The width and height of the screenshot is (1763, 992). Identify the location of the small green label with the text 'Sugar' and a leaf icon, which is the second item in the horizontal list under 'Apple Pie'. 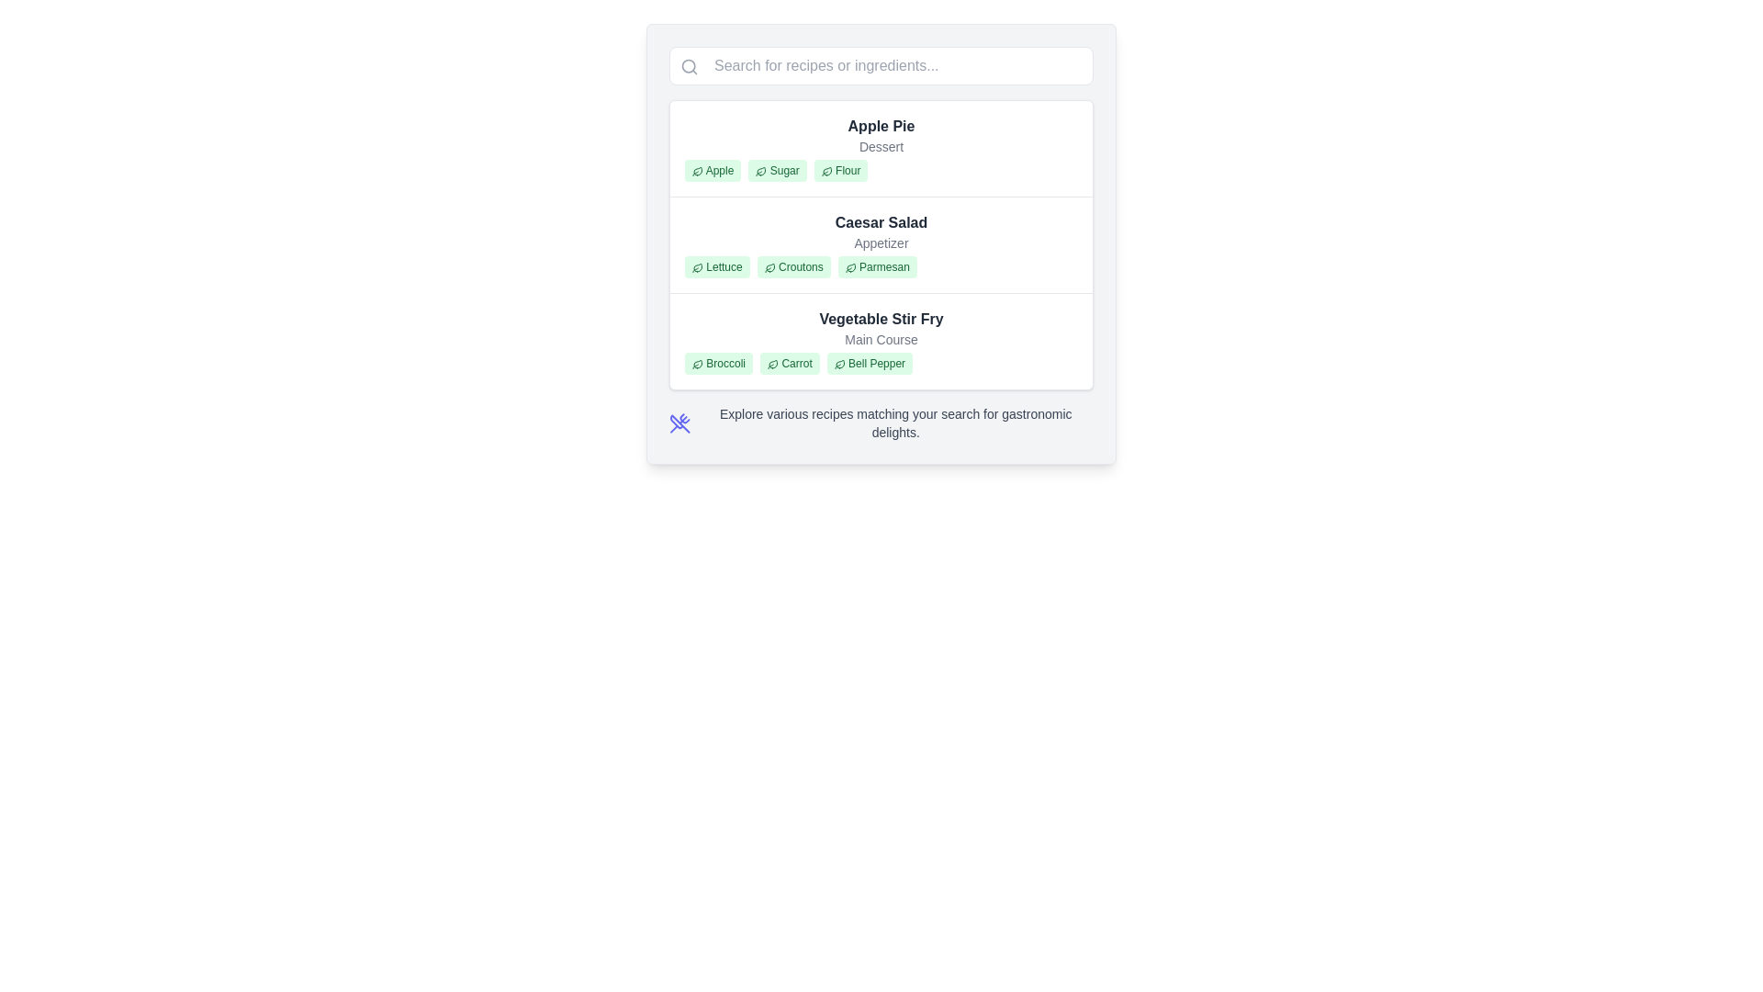
(778, 170).